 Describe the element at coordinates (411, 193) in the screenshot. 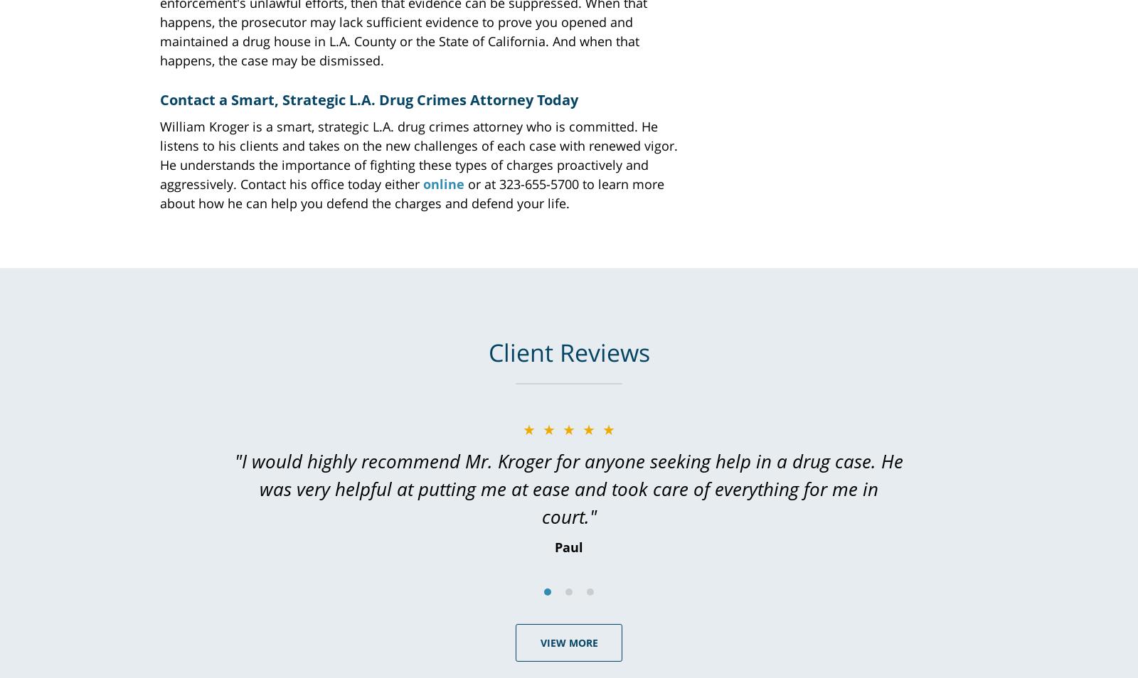

I see `'or at 323-655-5700 to learn more about how he can help you defend the charges and defend your life.'` at that location.